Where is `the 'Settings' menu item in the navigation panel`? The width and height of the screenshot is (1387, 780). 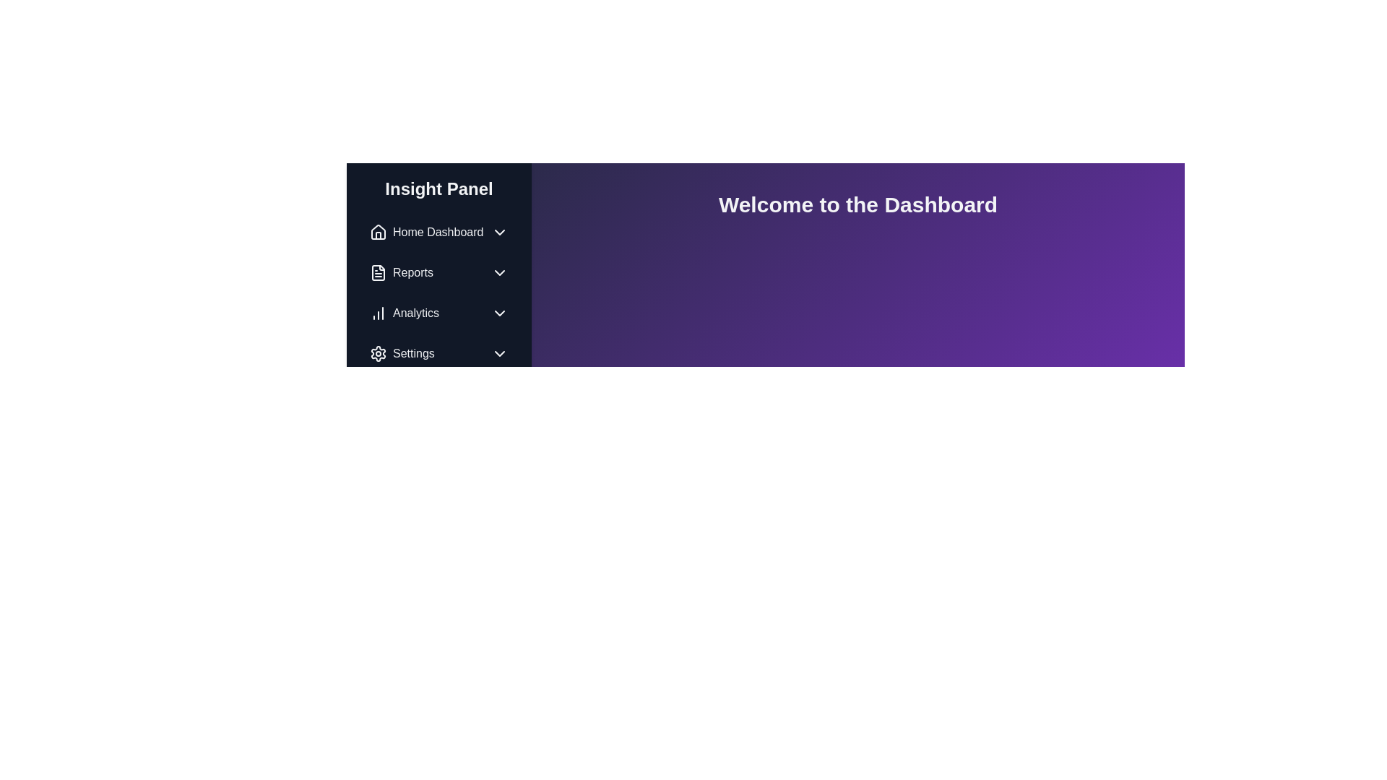
the 'Settings' menu item in the navigation panel is located at coordinates (402, 353).